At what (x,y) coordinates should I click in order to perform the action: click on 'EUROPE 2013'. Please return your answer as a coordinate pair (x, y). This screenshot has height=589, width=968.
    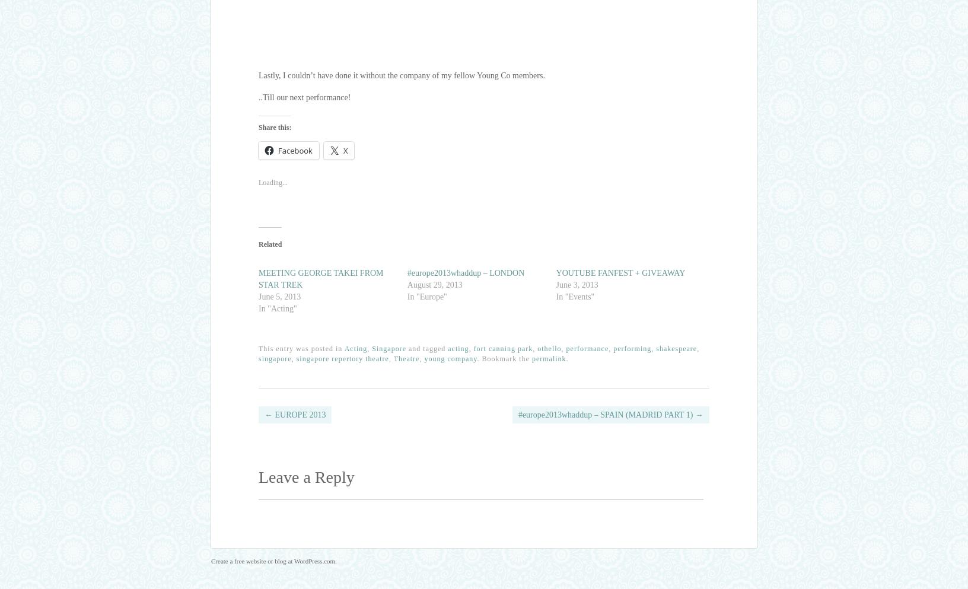
    Looking at the image, I should click on (272, 413).